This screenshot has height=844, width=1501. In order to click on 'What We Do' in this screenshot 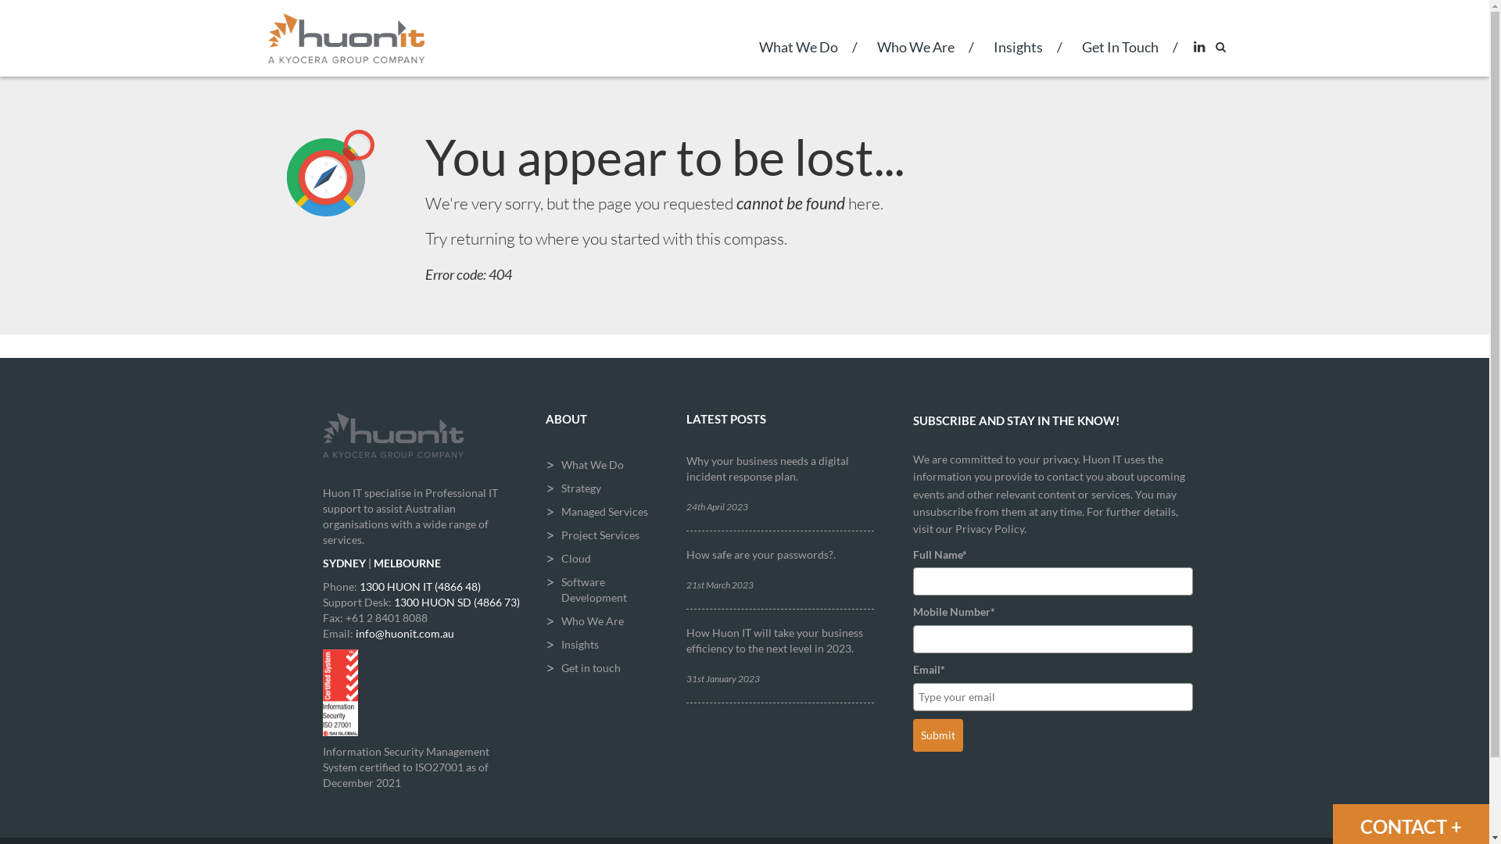, I will do `click(798, 56)`.